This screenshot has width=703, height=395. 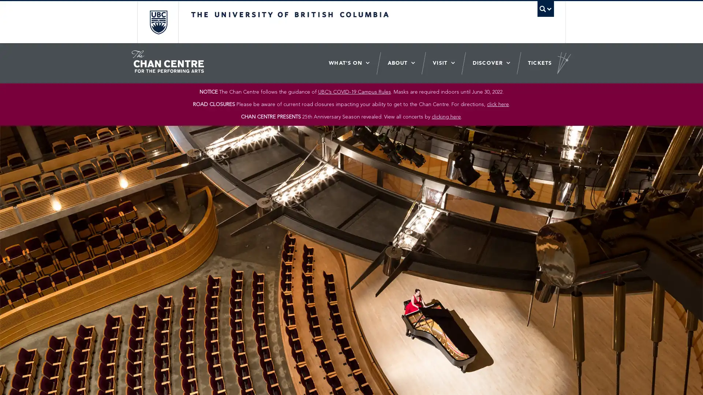 What do you see at coordinates (401, 196) in the screenshot?
I see `Subscribe` at bounding box center [401, 196].